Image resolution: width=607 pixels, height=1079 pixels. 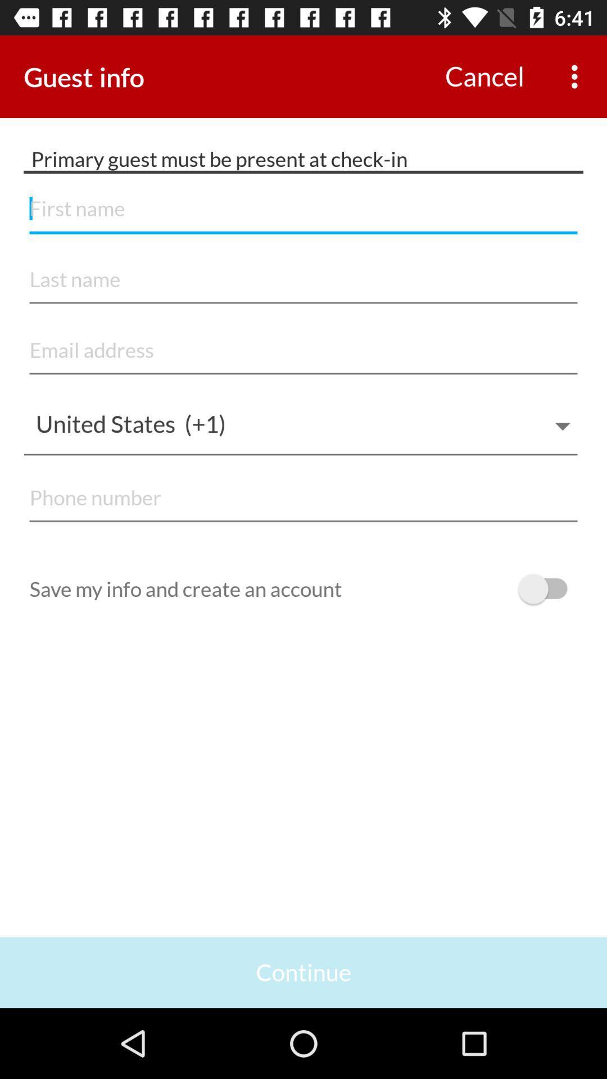 I want to click on account filling form, so click(x=303, y=280).